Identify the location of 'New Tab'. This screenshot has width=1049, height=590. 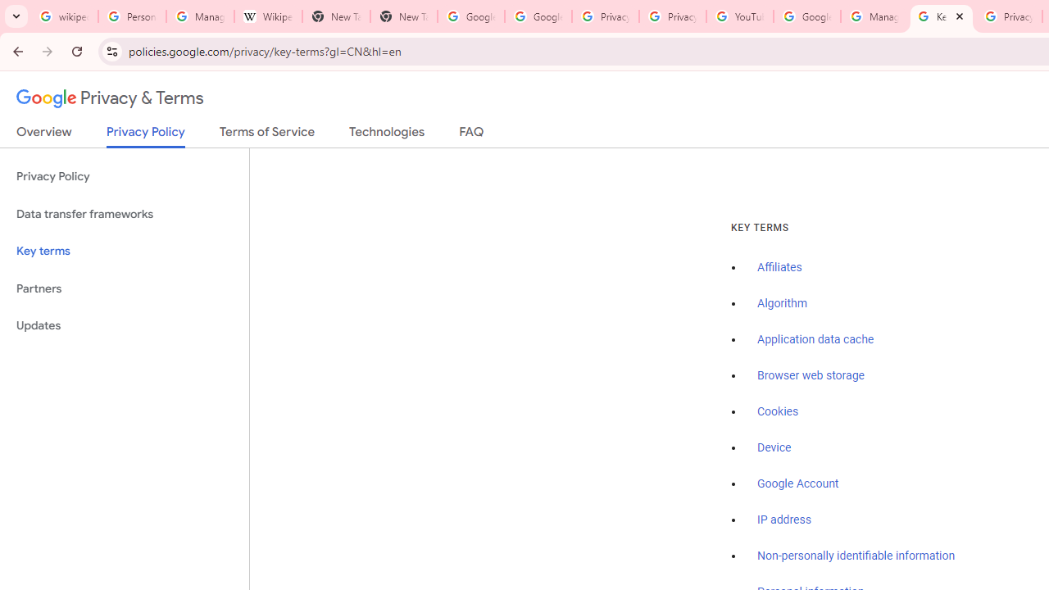
(335, 16).